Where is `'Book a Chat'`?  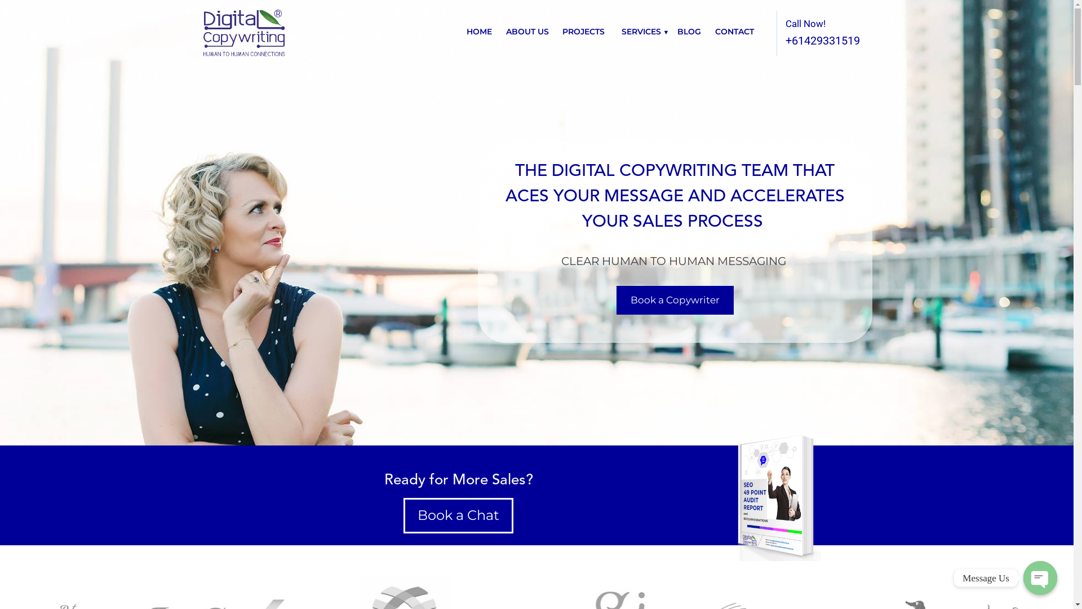
'Book a Chat' is located at coordinates (403, 515).